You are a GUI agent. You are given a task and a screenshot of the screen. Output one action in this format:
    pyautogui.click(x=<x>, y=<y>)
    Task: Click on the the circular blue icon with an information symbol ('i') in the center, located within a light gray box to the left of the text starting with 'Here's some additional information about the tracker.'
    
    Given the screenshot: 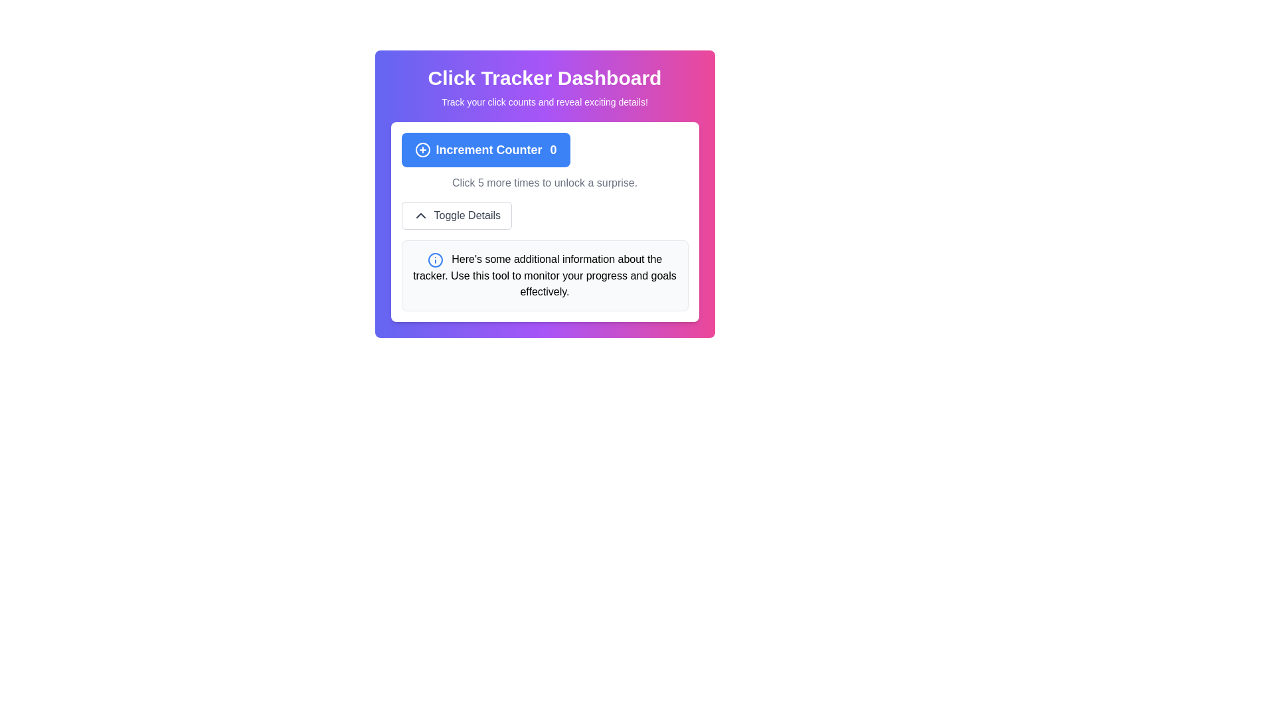 What is the action you would take?
    pyautogui.click(x=435, y=260)
    